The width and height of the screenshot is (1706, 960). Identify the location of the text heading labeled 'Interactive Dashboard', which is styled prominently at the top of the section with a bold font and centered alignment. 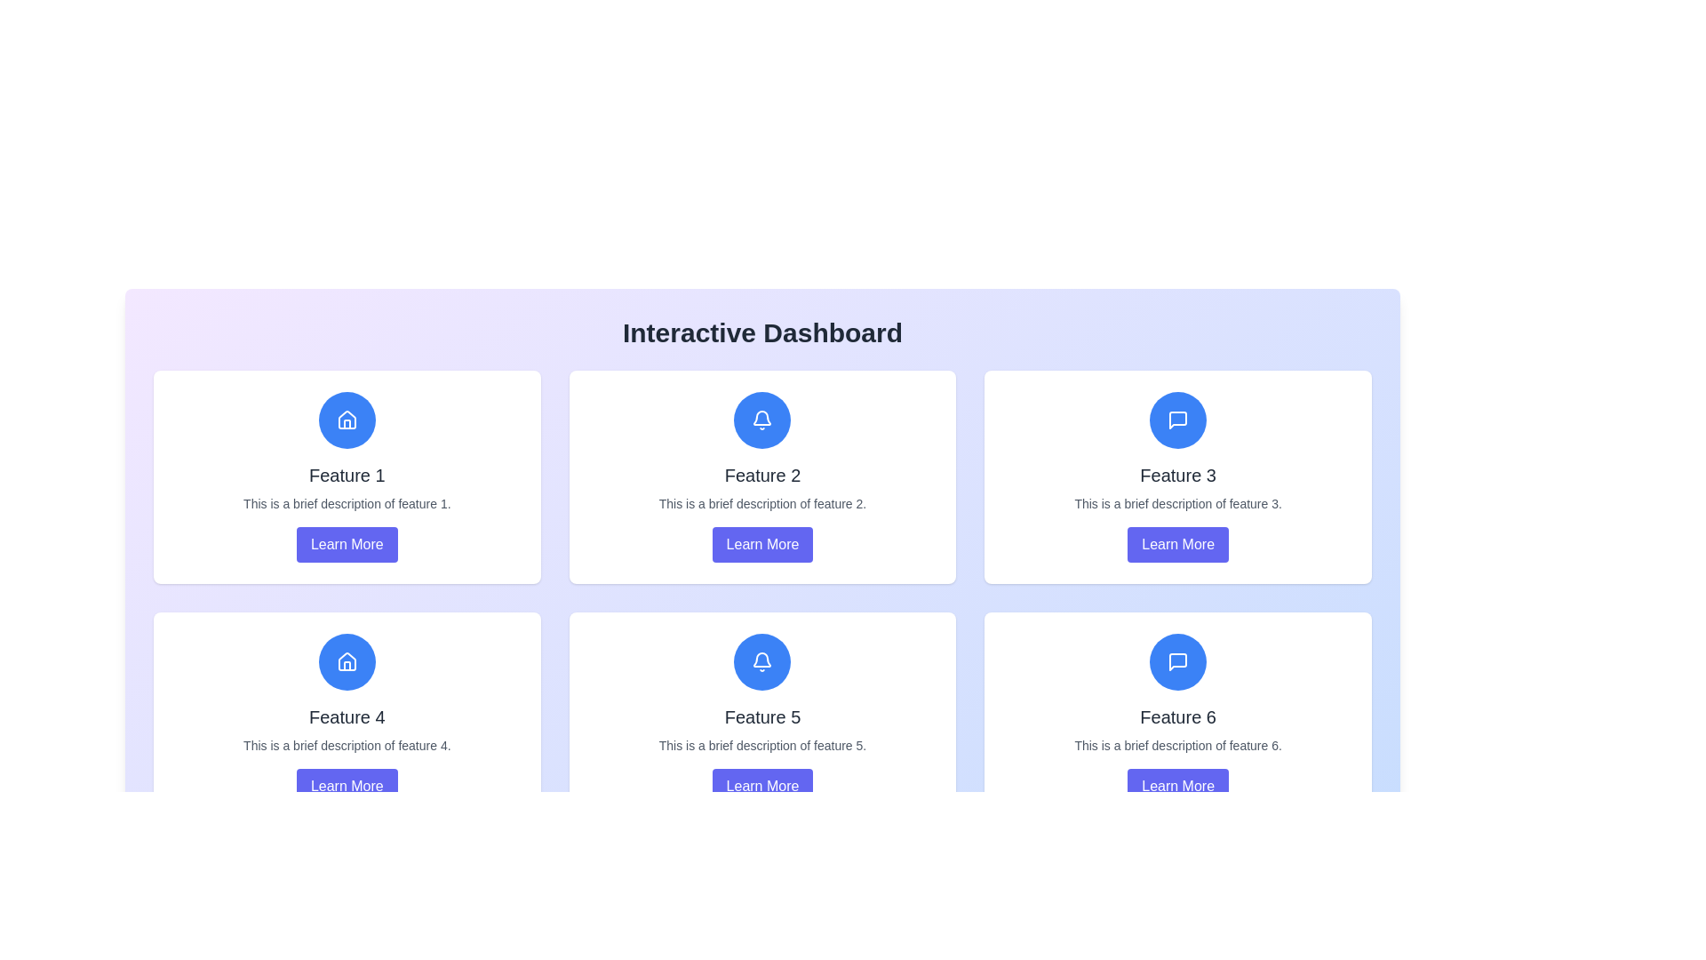
(762, 343).